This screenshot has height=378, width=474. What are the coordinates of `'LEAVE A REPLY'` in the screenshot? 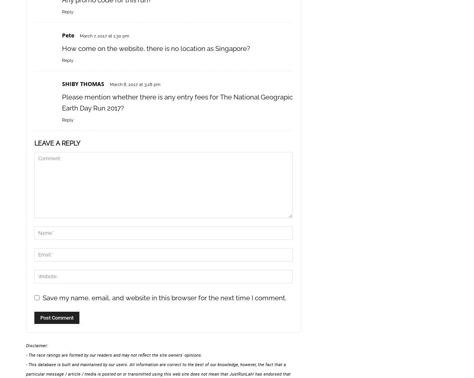 It's located at (57, 143).